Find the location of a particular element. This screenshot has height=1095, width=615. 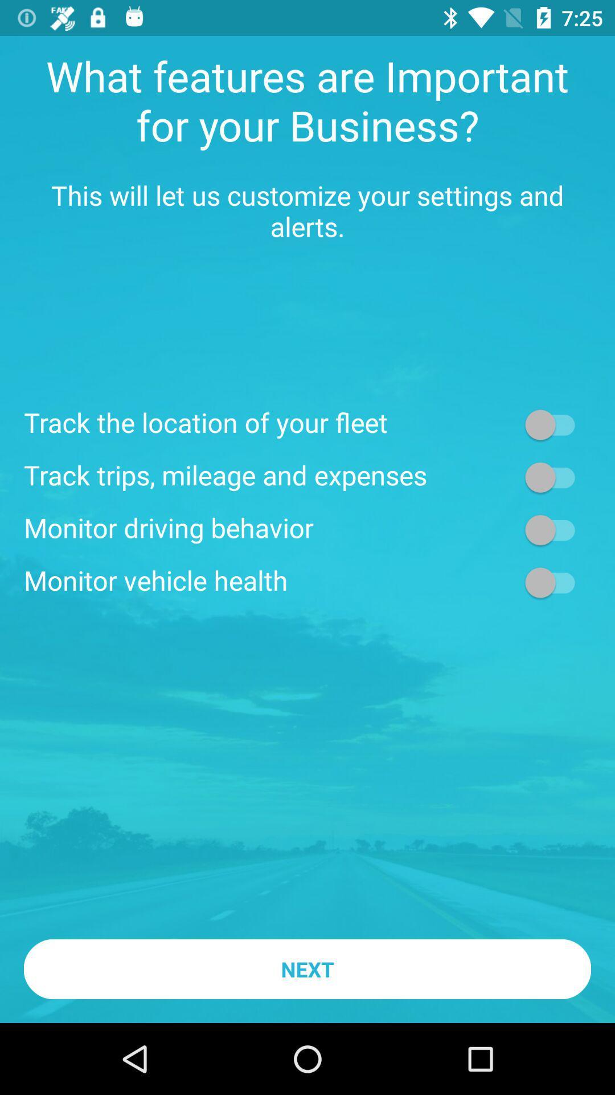

selection is located at coordinates (555, 529).